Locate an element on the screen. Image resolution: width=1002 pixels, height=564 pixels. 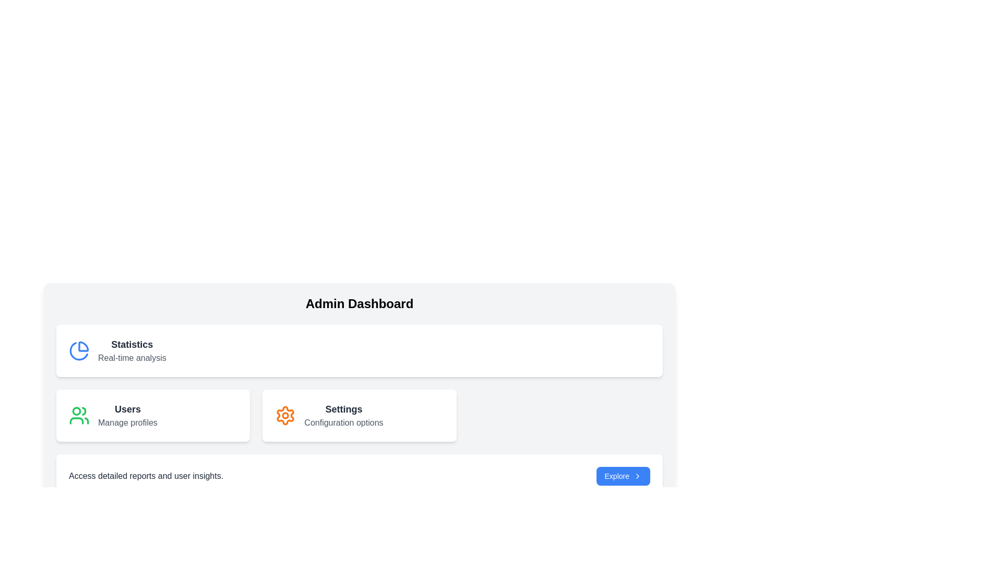
the small right-pointing arrow icon with a thin, rounded stroke design, which is styled in a minimalistic fashion with a white stroke over a blue button background, located within the 'Explore' button at the bottom-right corner of the main interface is located at coordinates (637, 476).